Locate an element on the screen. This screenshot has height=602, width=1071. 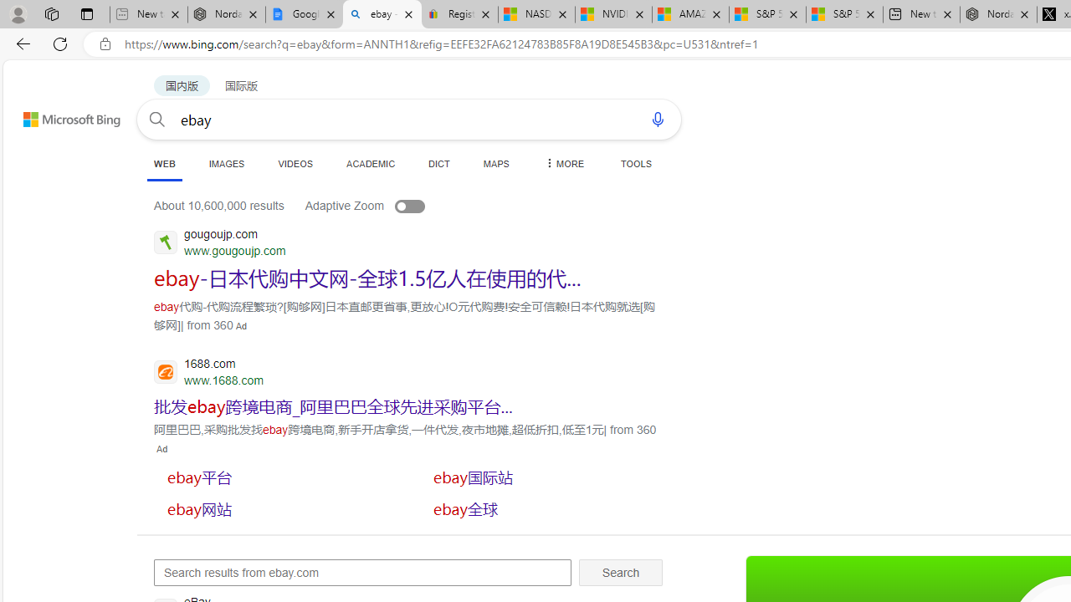
'Back to Bing search' is located at coordinates (61, 115).